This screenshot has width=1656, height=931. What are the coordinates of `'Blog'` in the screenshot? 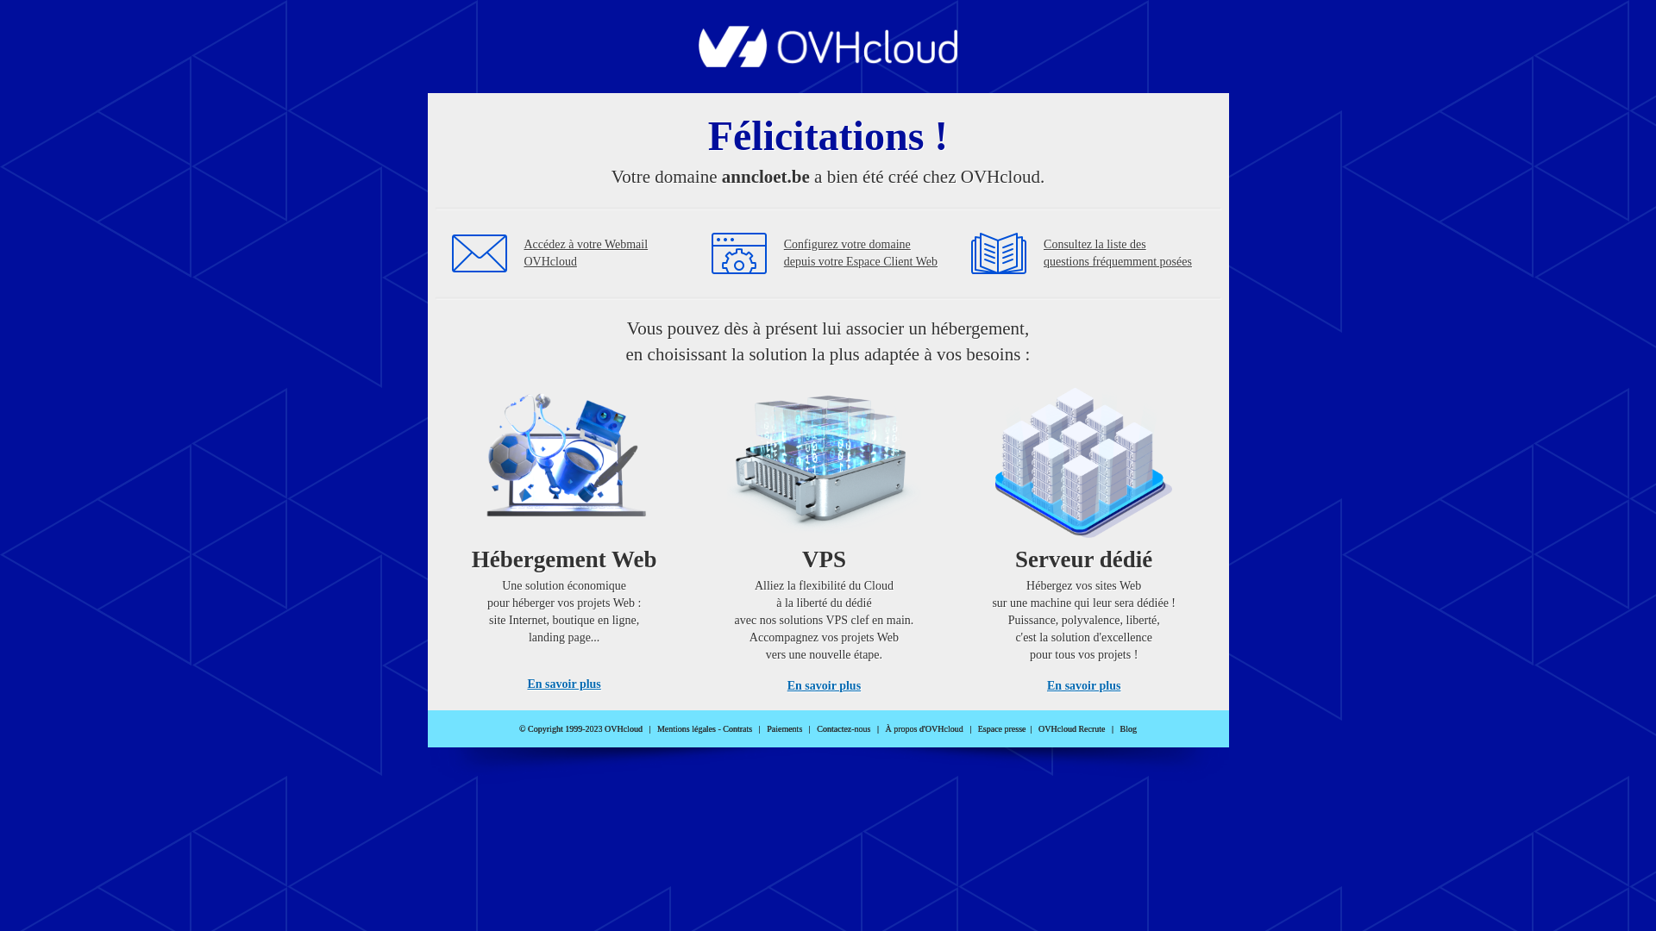 It's located at (1128, 728).